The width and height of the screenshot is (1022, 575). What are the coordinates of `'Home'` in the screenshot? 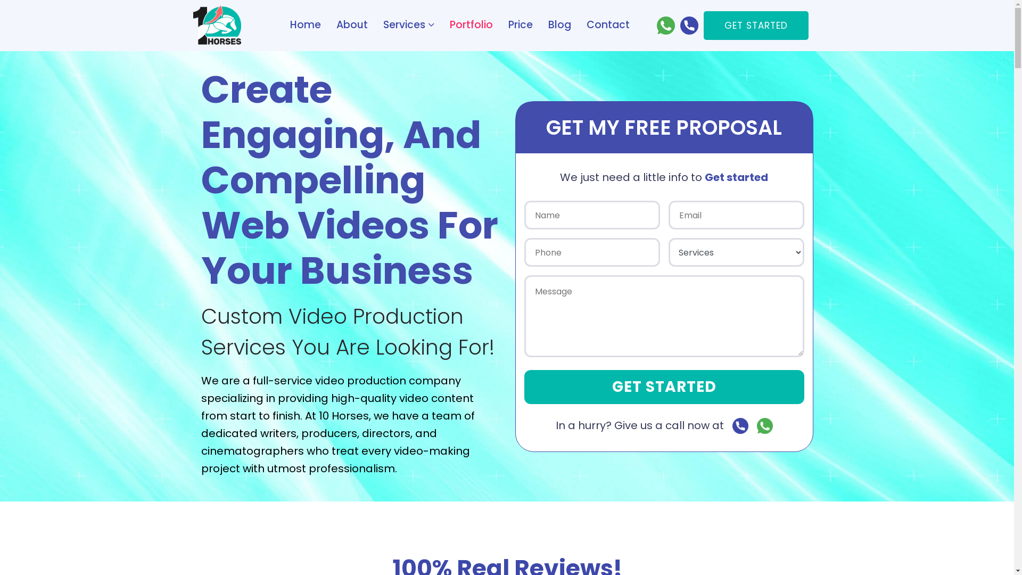 It's located at (304, 24).